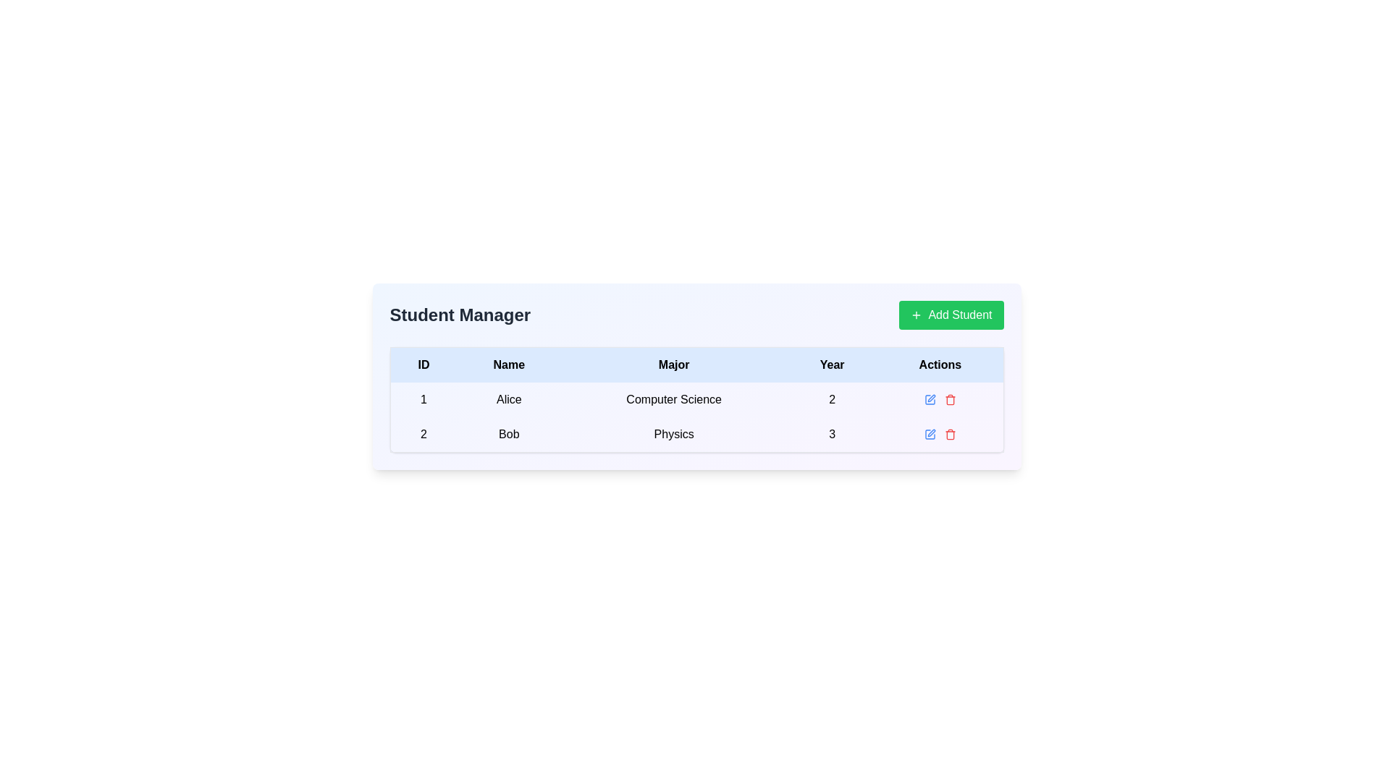 The height and width of the screenshot is (781, 1390). What do you see at coordinates (423, 399) in the screenshot?
I see `the text label displaying the character '1' in bold style, located in the first column of the first row of the table, adjacent to the cell containing 'Alice'` at bounding box center [423, 399].